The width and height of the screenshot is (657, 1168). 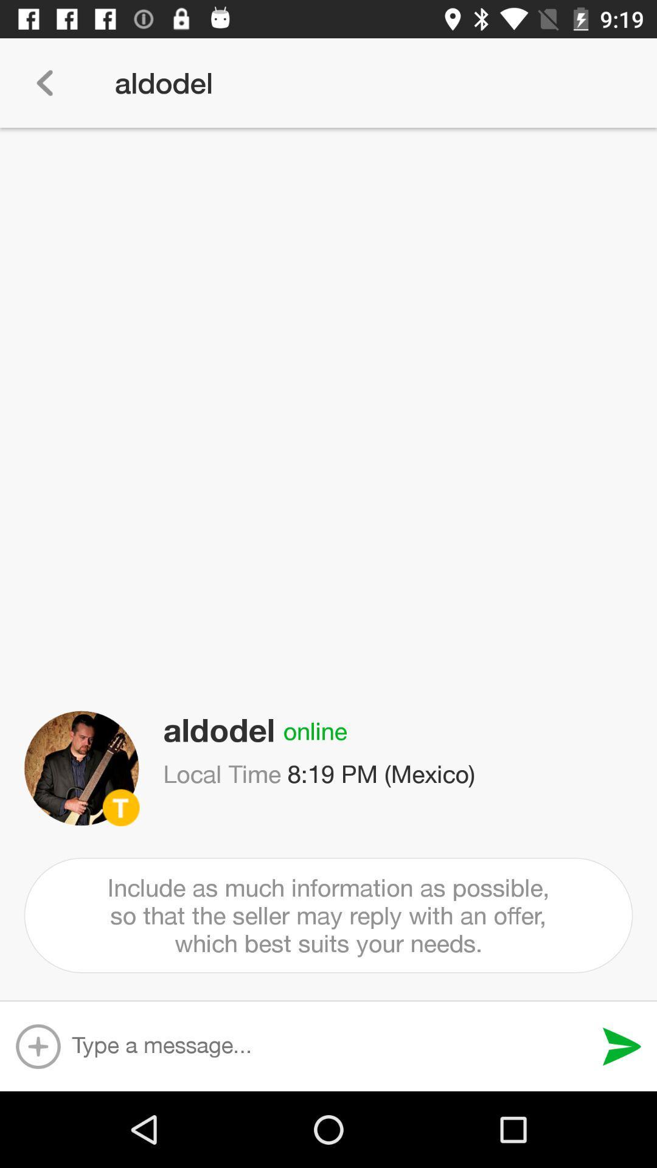 I want to click on input message, so click(x=332, y=1046).